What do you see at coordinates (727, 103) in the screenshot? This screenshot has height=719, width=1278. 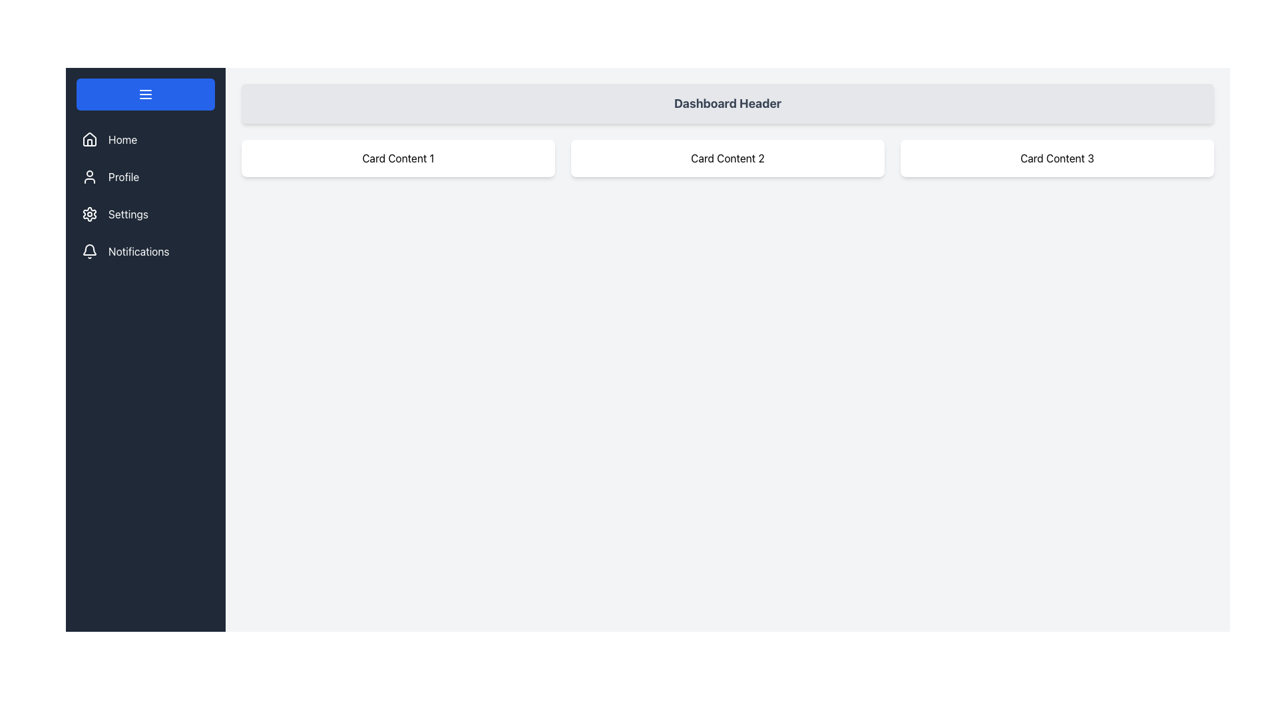 I see `the 'Dashboard Header' element, which is a rectangular header with rounded corners and a light gray background, located in the top center of the main content area` at bounding box center [727, 103].